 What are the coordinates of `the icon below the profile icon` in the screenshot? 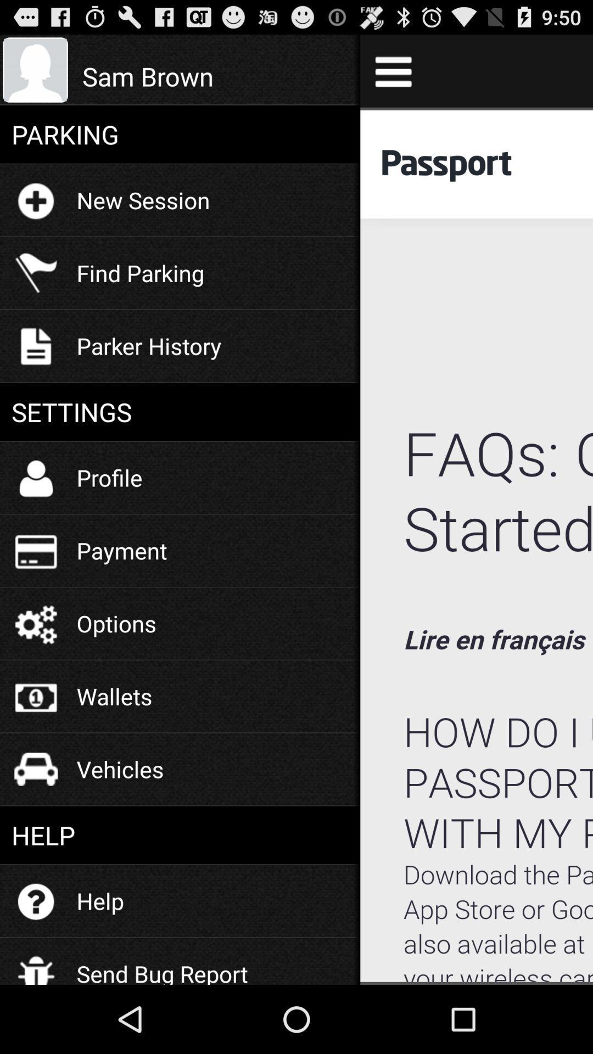 It's located at (122, 550).